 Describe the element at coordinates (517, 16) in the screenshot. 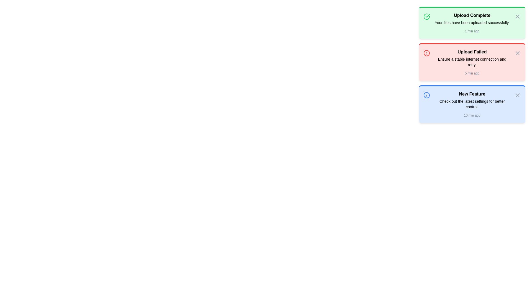

I see `the close button icon located at the top-right corner of the 'Upload Complete' notification bar` at that location.